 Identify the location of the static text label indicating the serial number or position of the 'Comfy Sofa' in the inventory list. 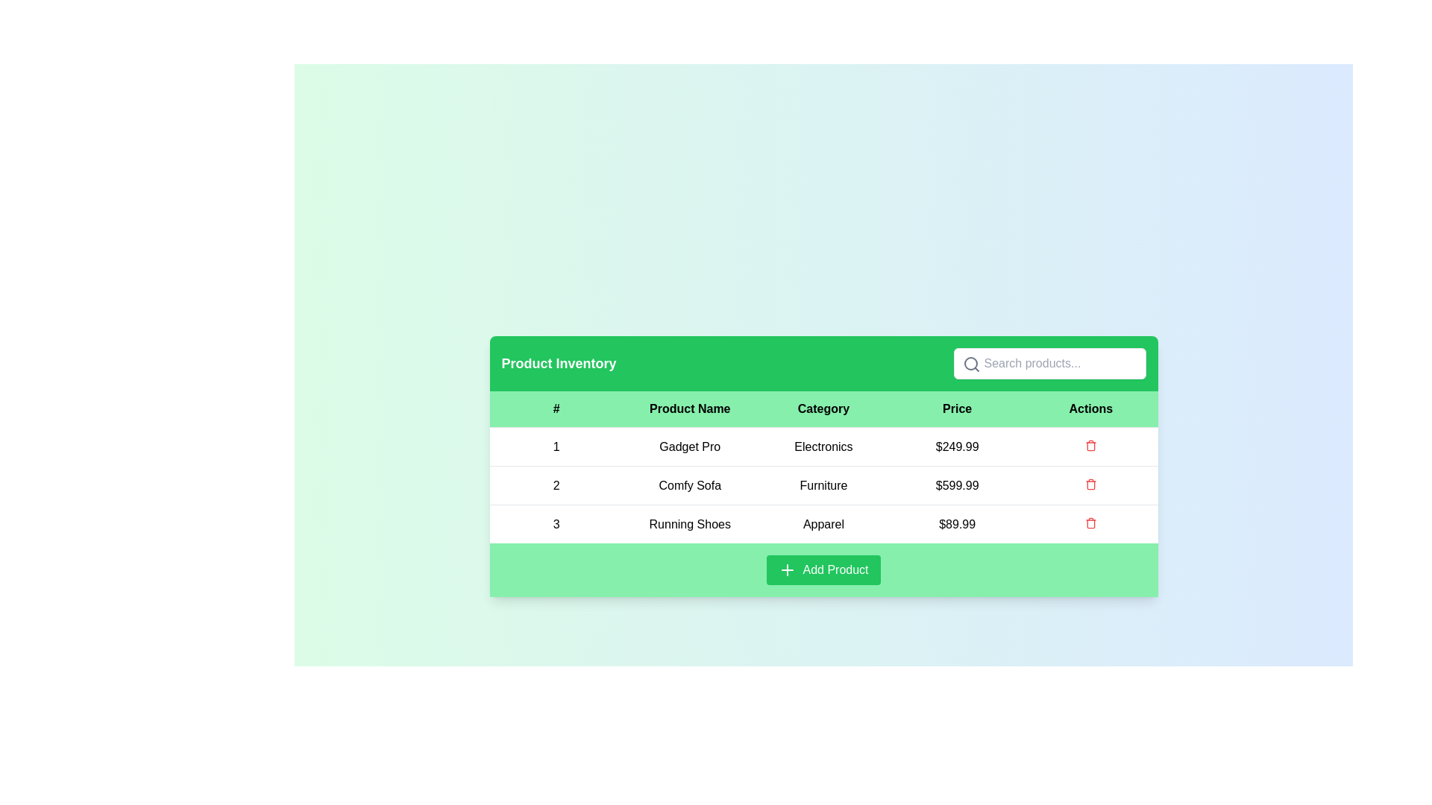
(556, 485).